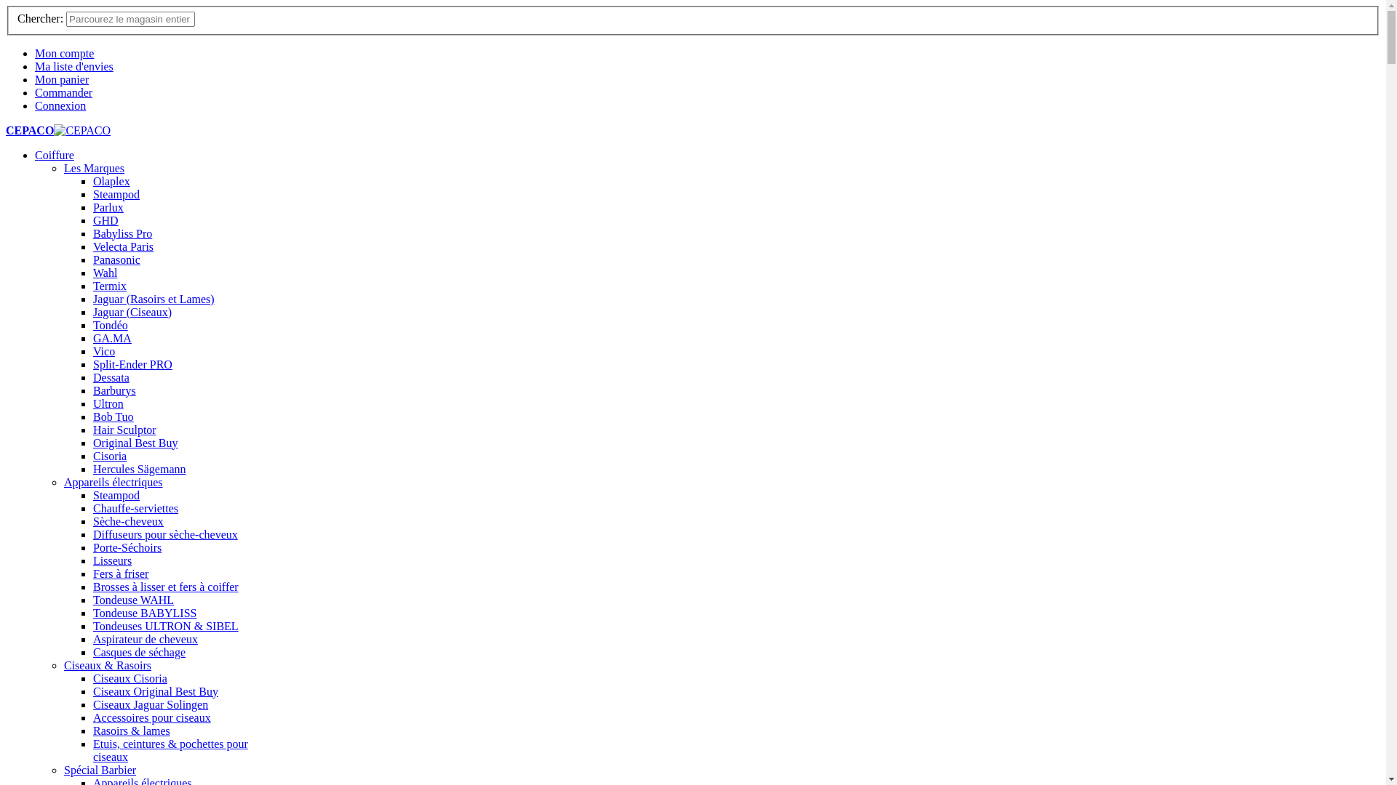  Describe the element at coordinates (92, 678) in the screenshot. I see `'Ciseaux Cisoria'` at that location.